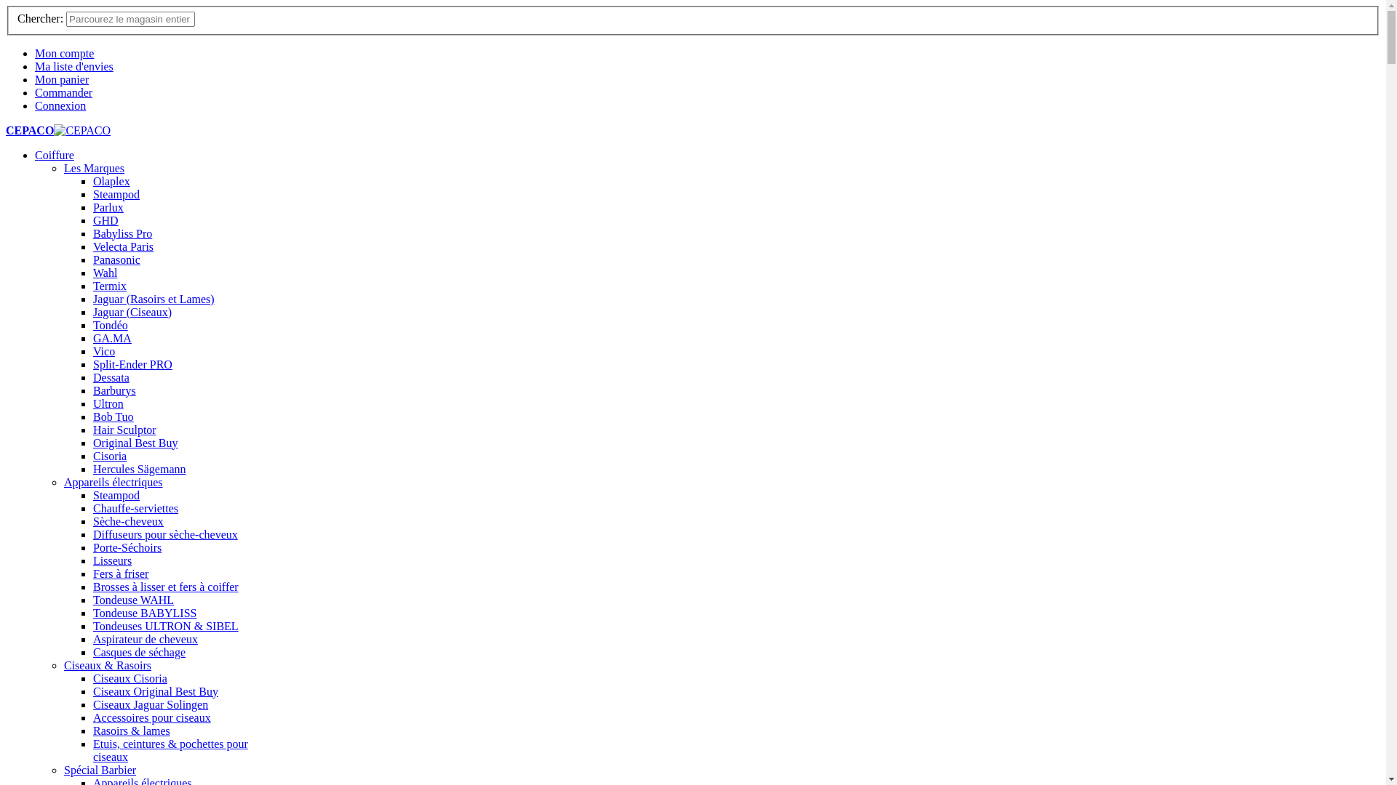  Describe the element at coordinates (92, 678) in the screenshot. I see `'Ciseaux Cisoria'` at that location.